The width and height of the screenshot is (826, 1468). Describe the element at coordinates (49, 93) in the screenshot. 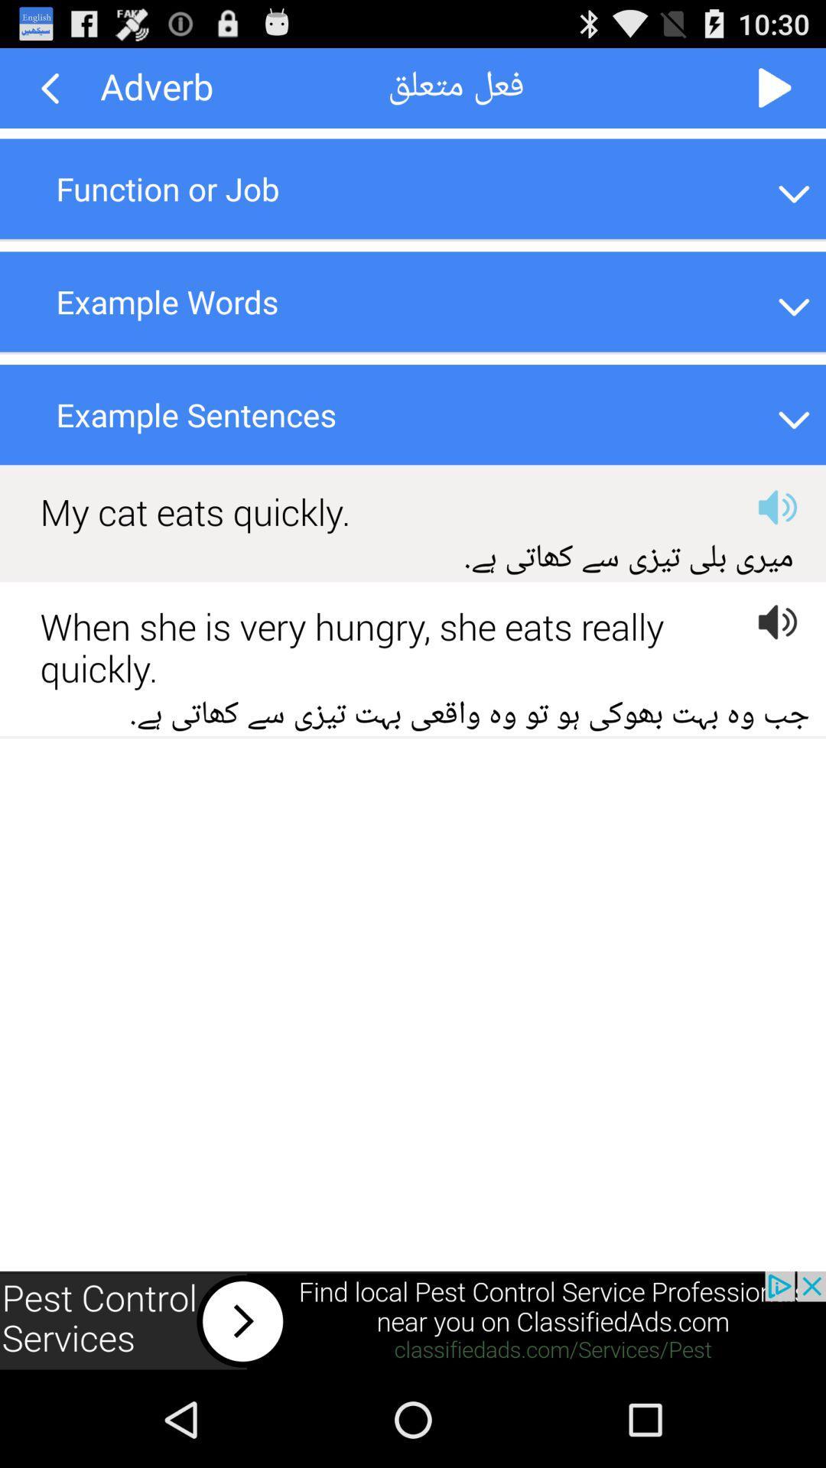

I see `the arrow_backward icon` at that location.